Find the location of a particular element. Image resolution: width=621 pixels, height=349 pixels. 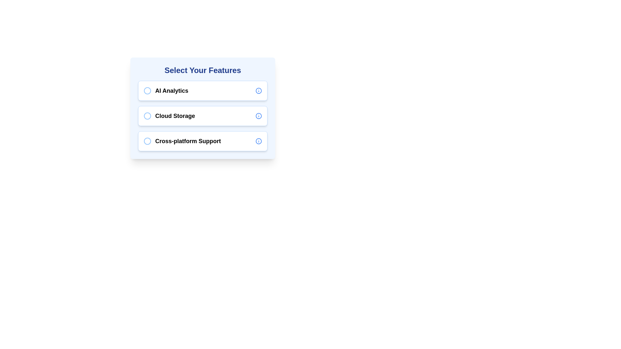

the info marker icon located to the far right of the 'Cloud Storage' option is located at coordinates (259, 115).